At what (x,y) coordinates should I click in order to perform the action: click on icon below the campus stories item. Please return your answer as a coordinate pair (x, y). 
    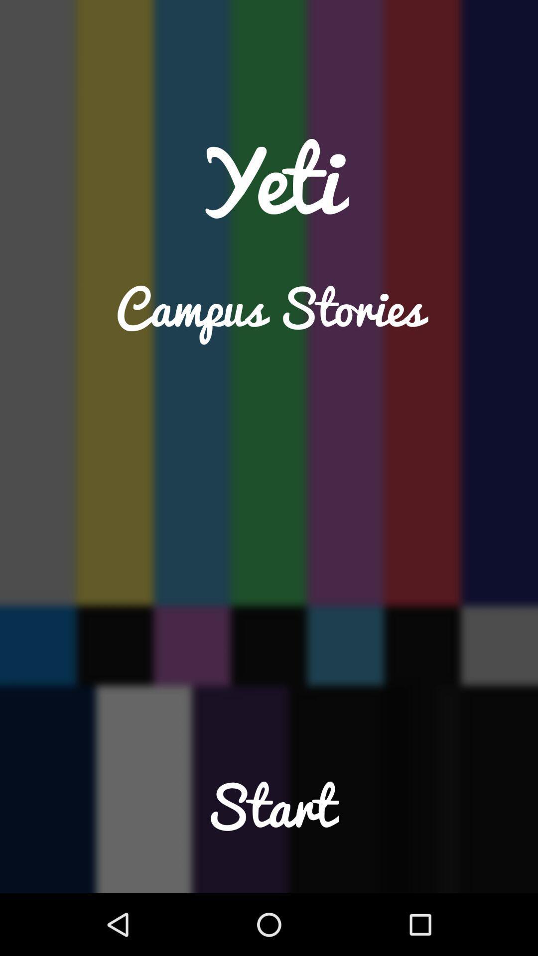
    Looking at the image, I should click on (269, 827).